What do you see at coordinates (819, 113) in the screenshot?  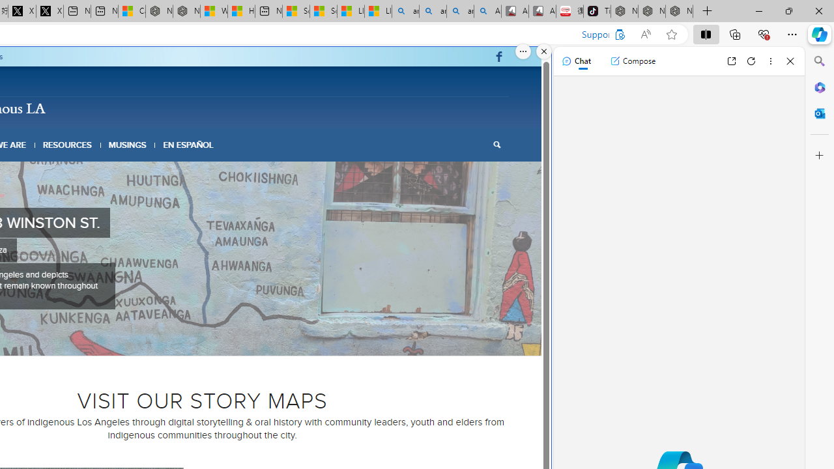 I see `'Outlook'` at bounding box center [819, 113].